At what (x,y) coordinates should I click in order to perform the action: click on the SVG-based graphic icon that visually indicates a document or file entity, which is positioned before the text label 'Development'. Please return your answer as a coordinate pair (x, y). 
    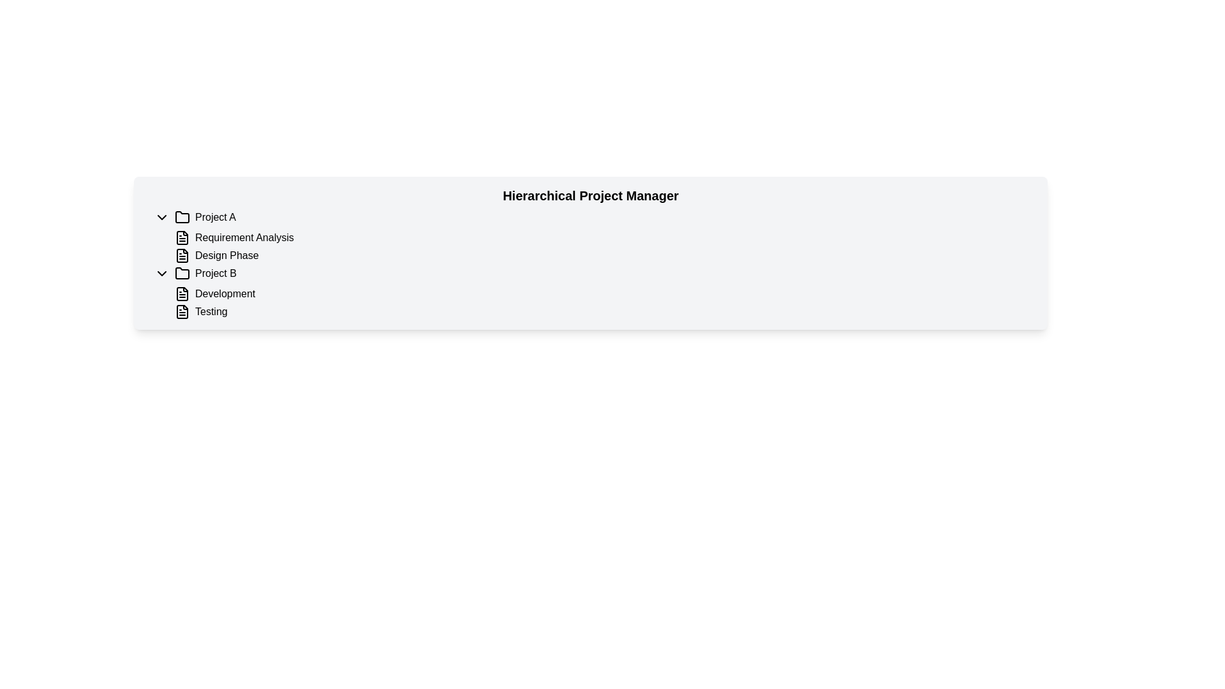
    Looking at the image, I should click on (182, 294).